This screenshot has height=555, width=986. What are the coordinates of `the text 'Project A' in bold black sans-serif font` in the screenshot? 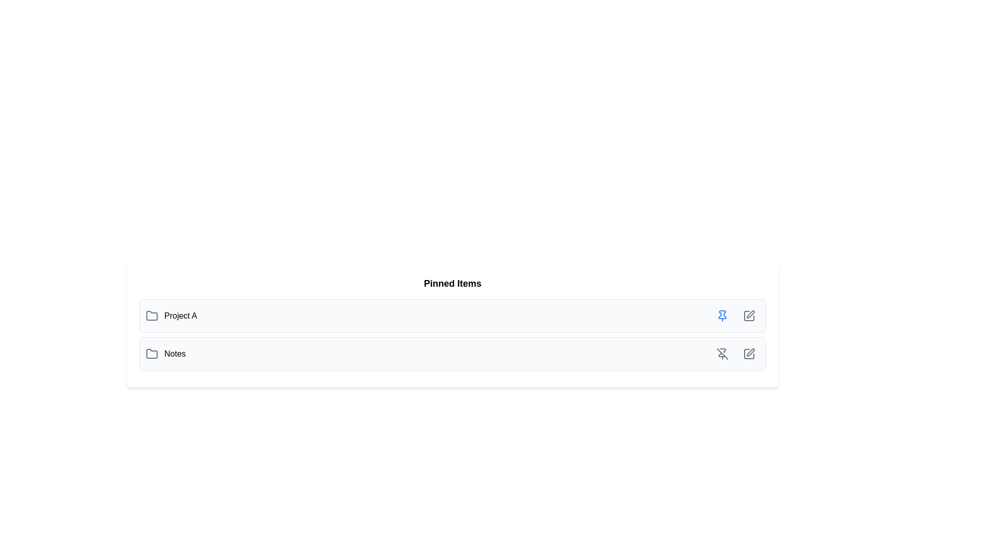 It's located at (180, 315).